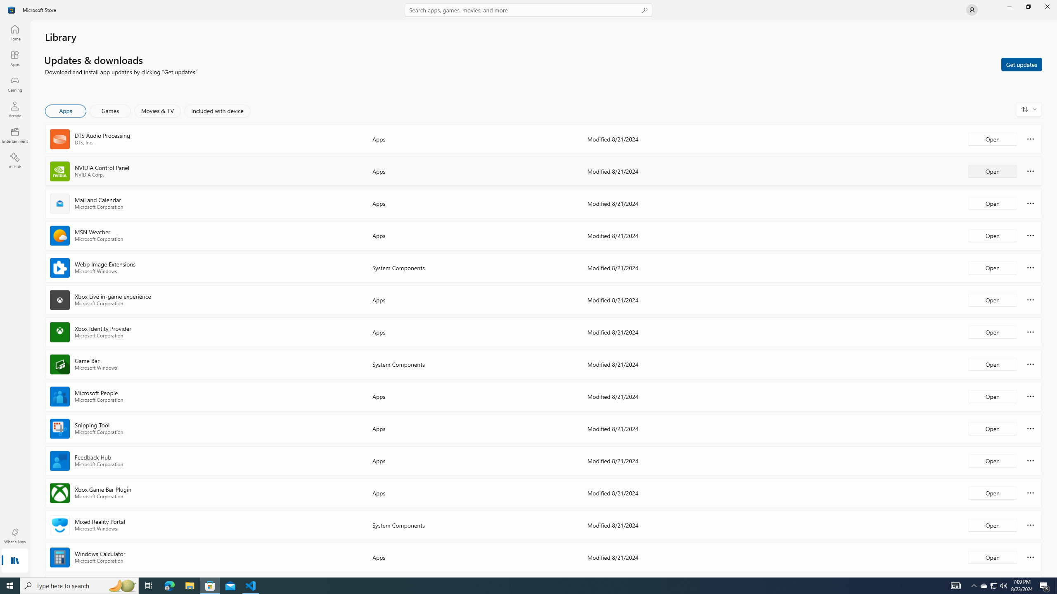 The image size is (1057, 594). I want to click on 'Included with device', so click(217, 111).